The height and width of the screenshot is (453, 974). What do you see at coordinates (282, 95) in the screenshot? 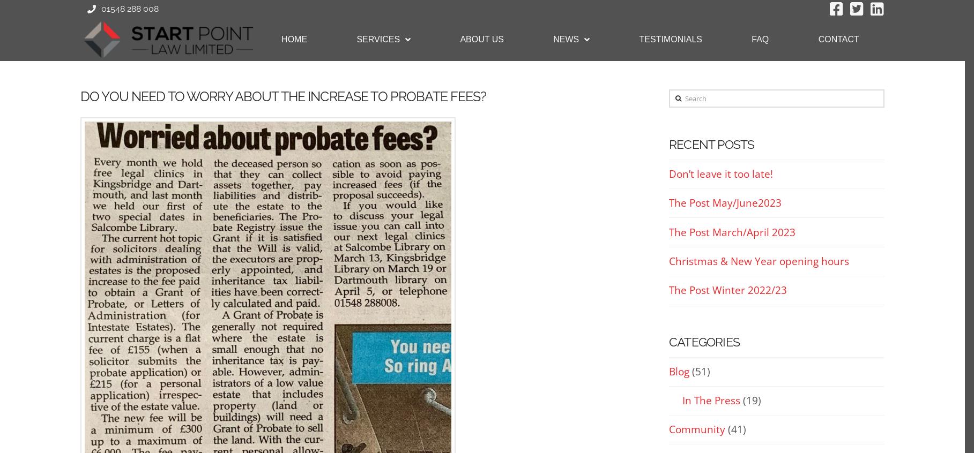
I see `'Do you need to worry about the increase to Probate fees?'` at bounding box center [282, 95].